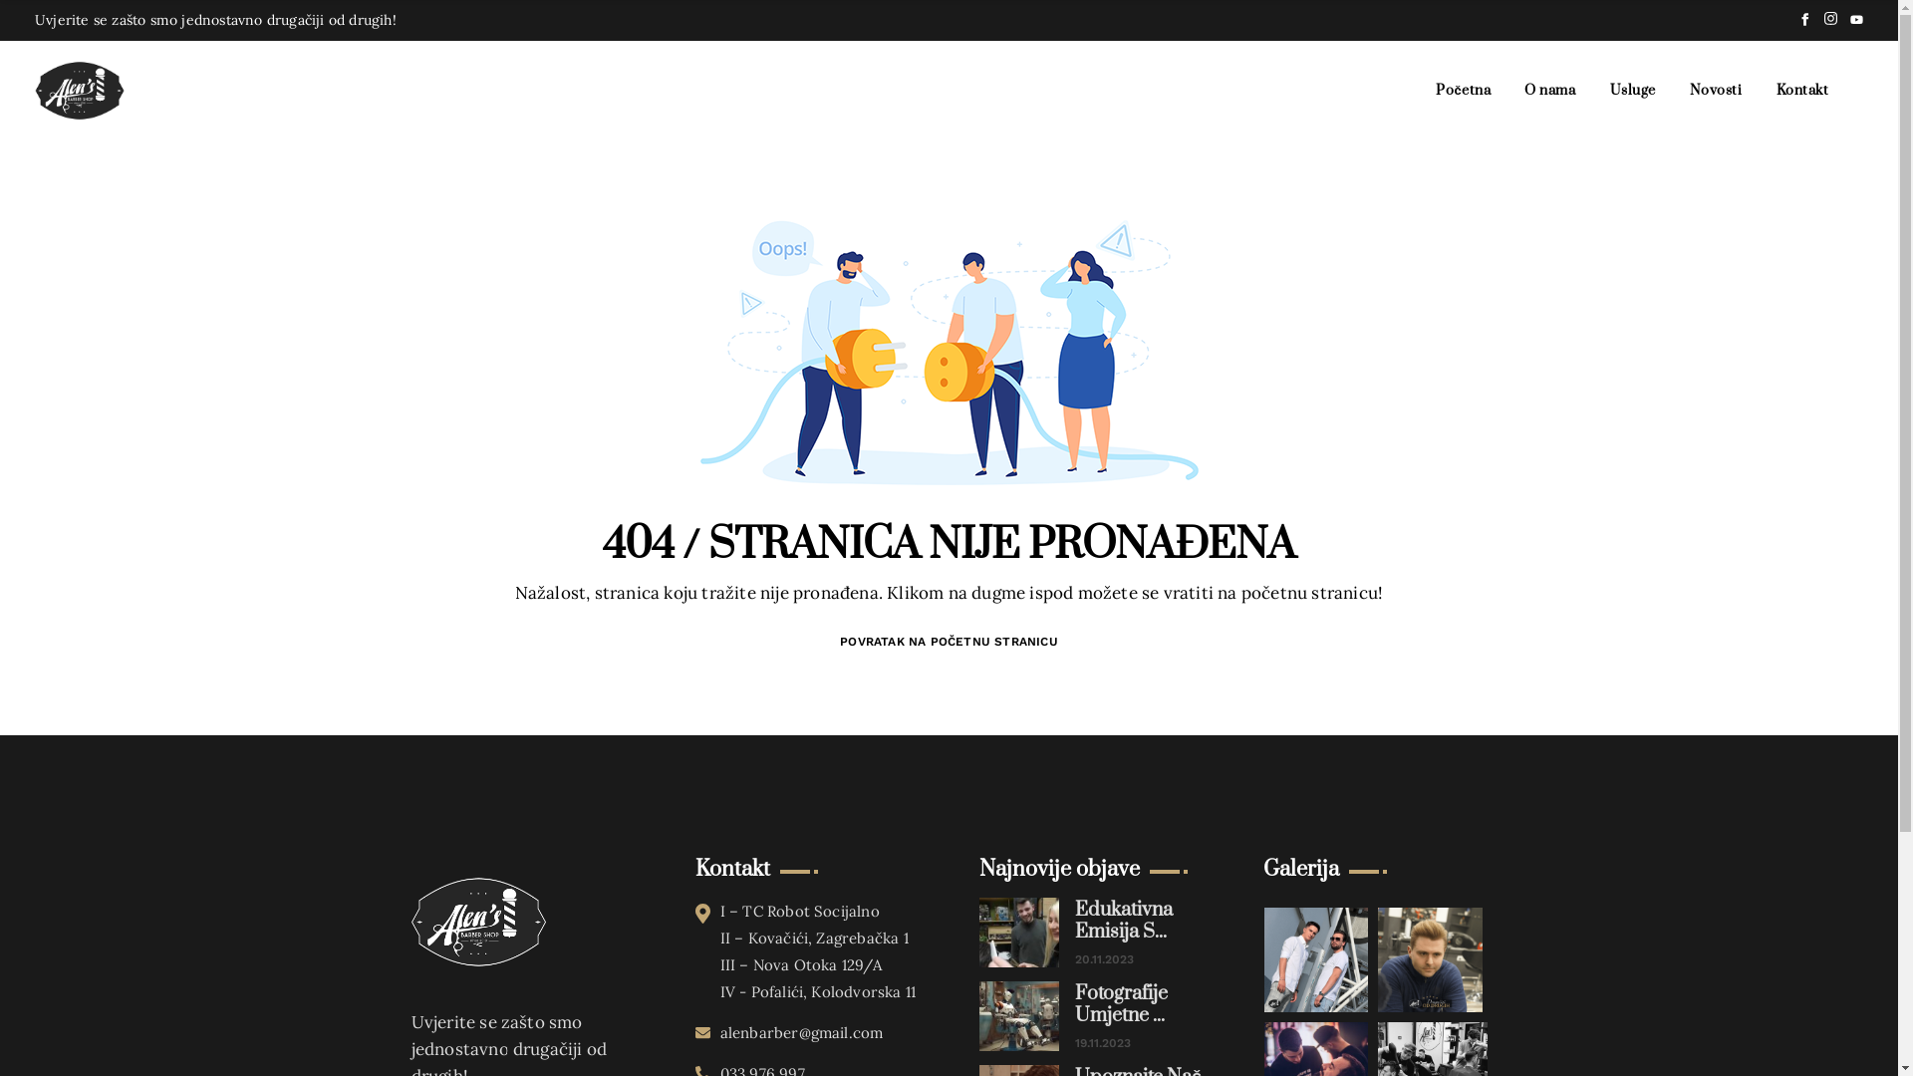  I want to click on 'Kontakt', so click(1802, 91).